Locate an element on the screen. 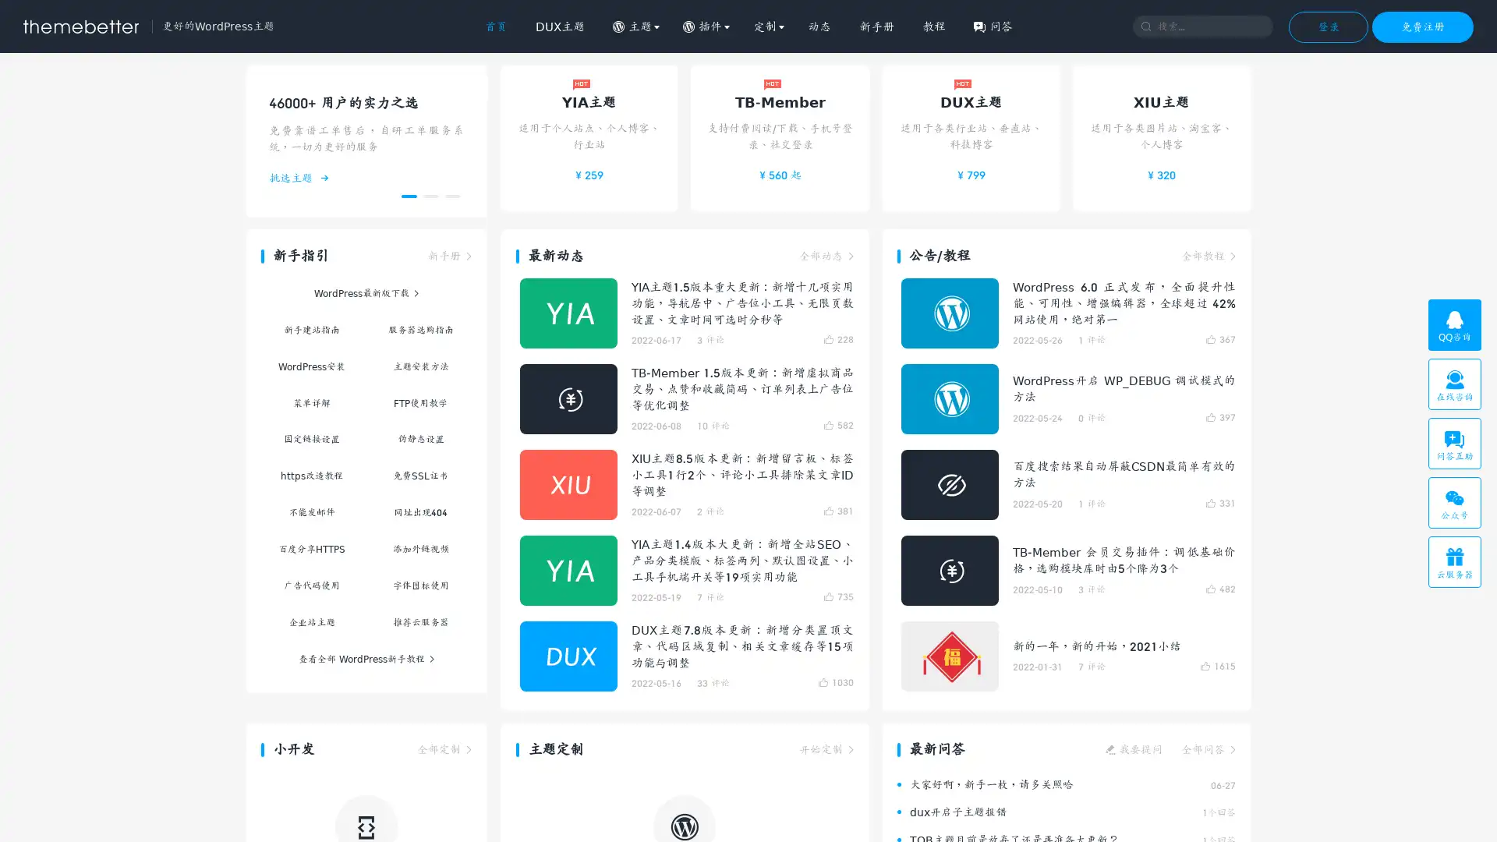 This screenshot has width=1497, height=842. Go to slide 3 is located at coordinates (451, 195).